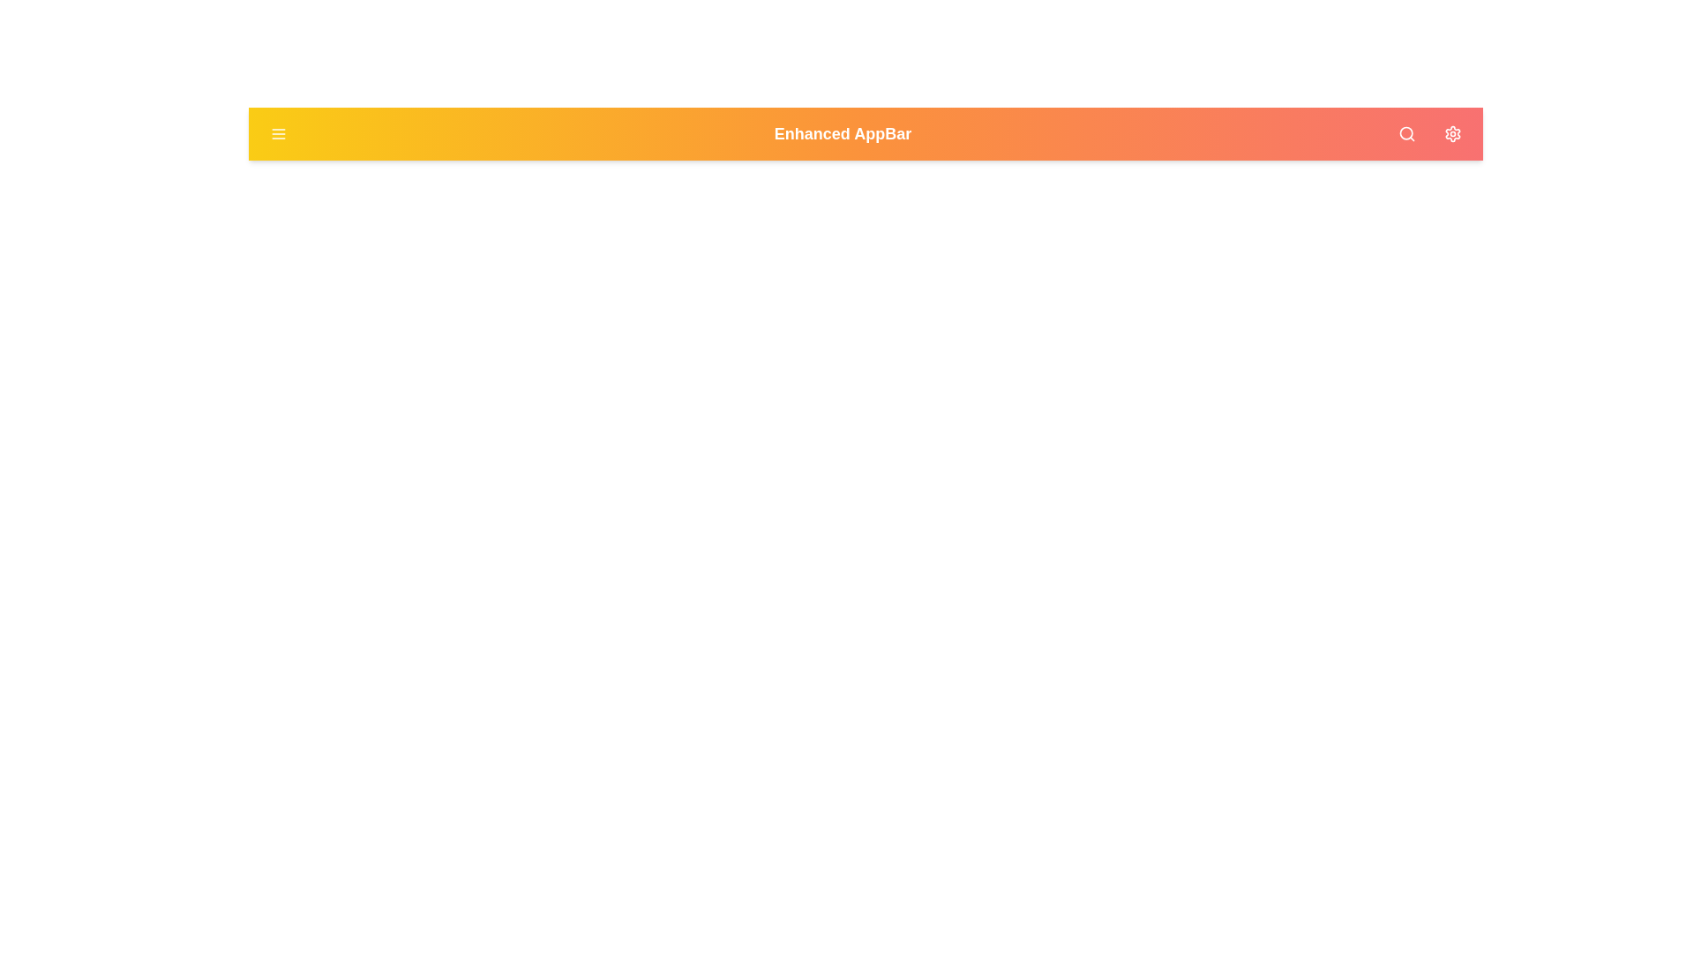  Describe the element at coordinates (1405, 132) in the screenshot. I see `the search button to initiate a search` at that location.